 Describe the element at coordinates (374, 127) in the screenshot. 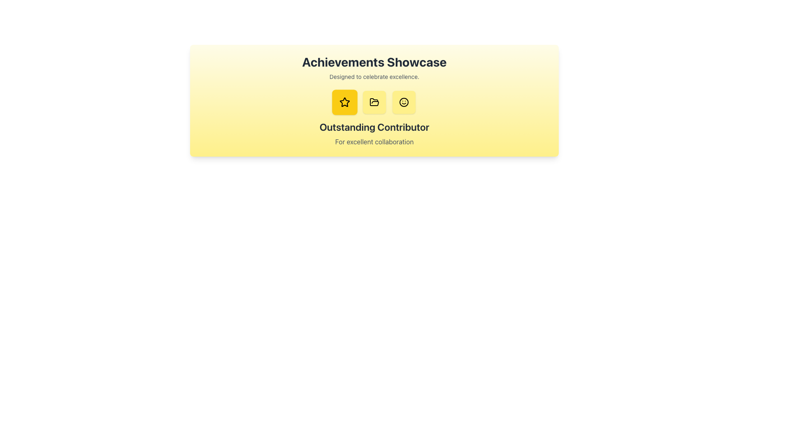

I see `title text that highlights a user's achievement, located at the center of the interface above the smaller text 'For excellent collaboration'` at that location.